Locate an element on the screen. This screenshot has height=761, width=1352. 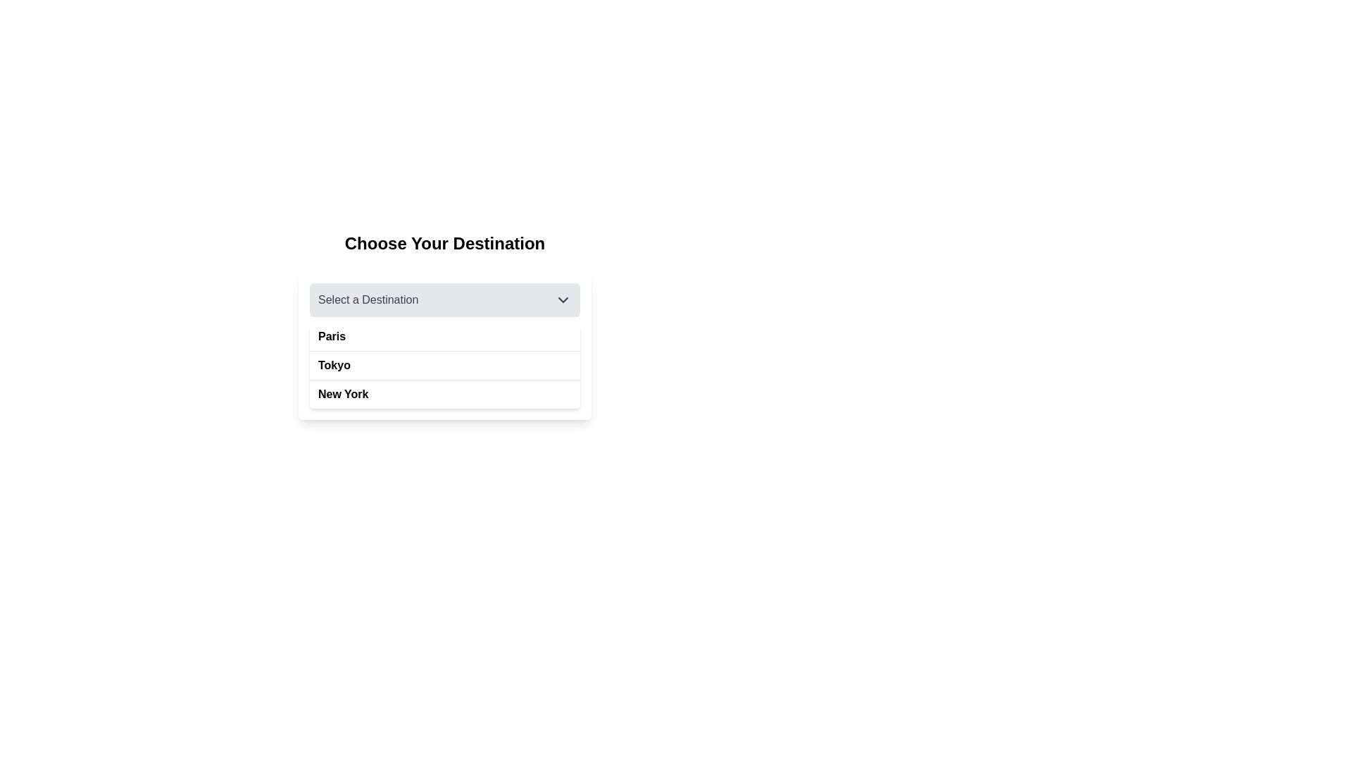
the selectable item for 'New York' in the dropdown list under 'Choose Your Destination' is located at coordinates (343, 394).